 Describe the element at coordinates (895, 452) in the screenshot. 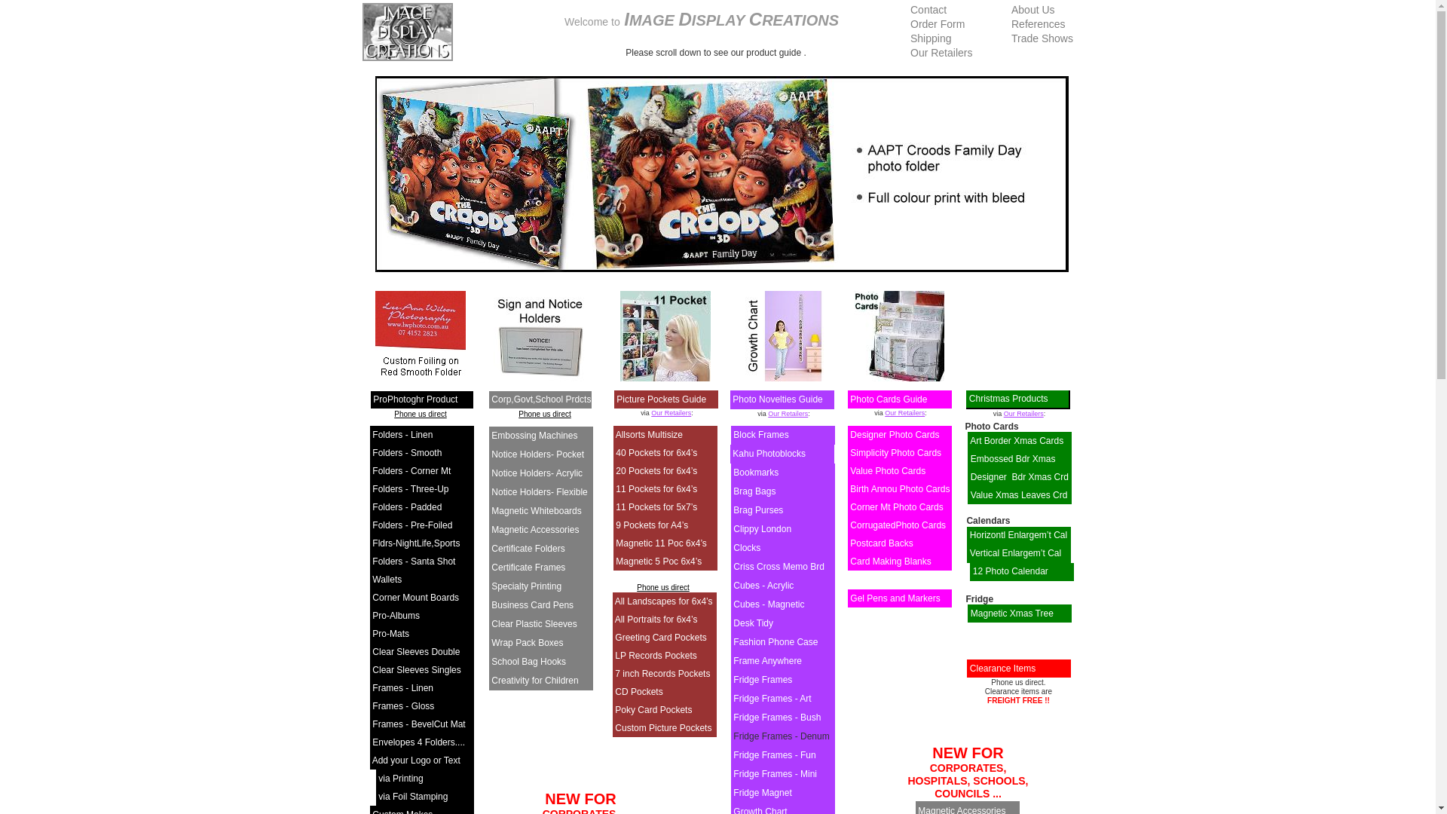

I see `'Simplicity Photo Cards'` at that location.